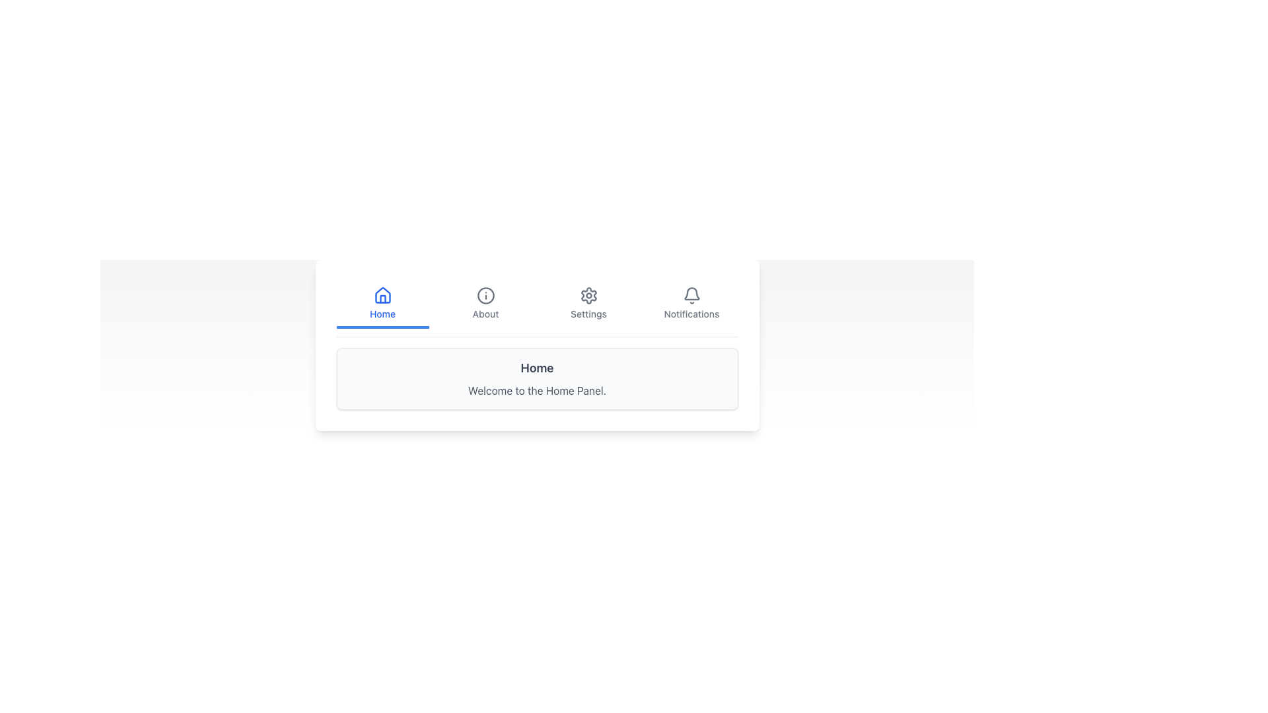  I want to click on the gear-shaped icon on the navigation bar, positioned above the 'Settings' text, so click(588, 294).